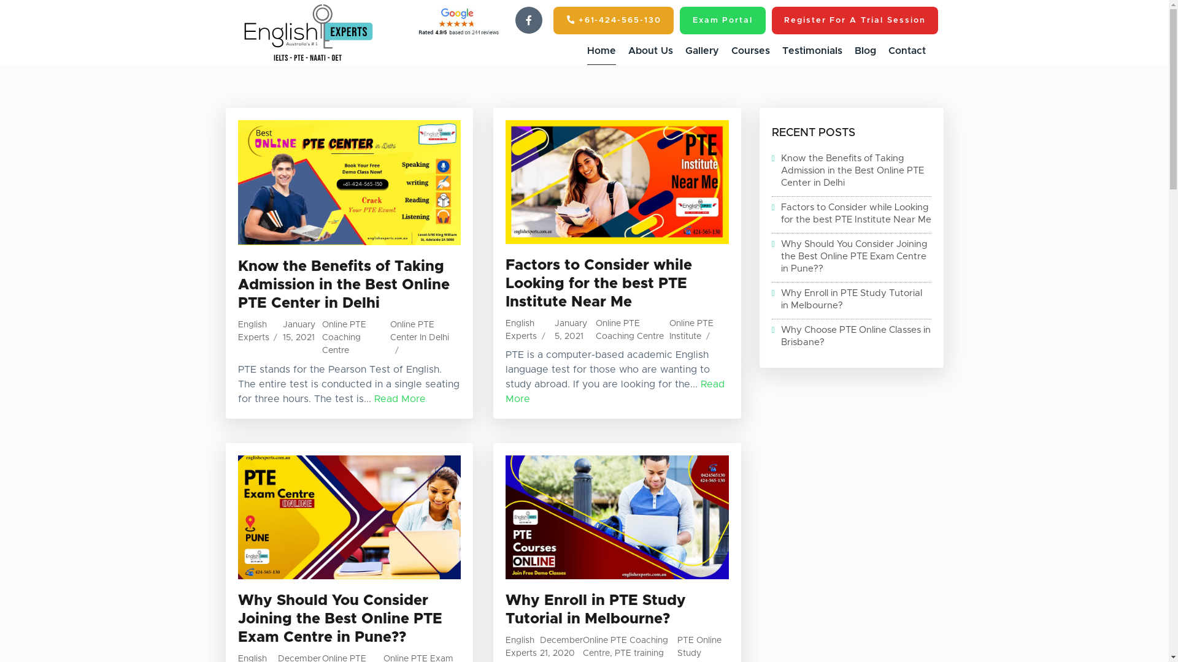  What do you see at coordinates (321, 338) in the screenshot?
I see `'Online PTE Coaching Centre'` at bounding box center [321, 338].